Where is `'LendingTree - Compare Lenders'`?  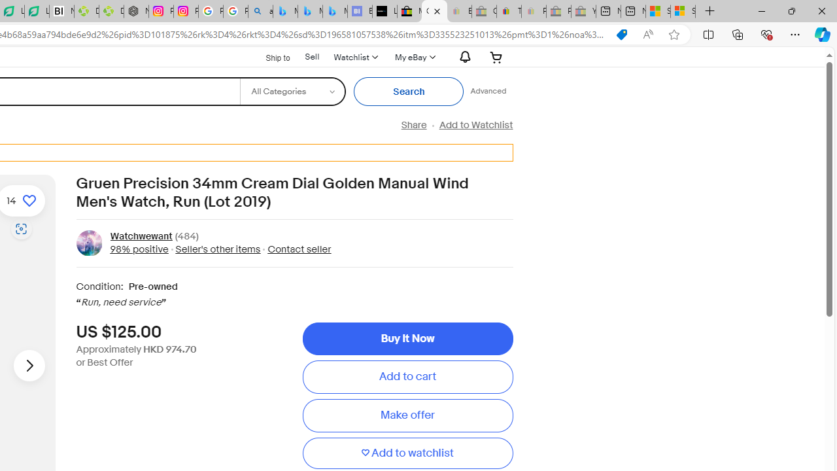 'LendingTree - Compare Lenders' is located at coordinates (37, 11).